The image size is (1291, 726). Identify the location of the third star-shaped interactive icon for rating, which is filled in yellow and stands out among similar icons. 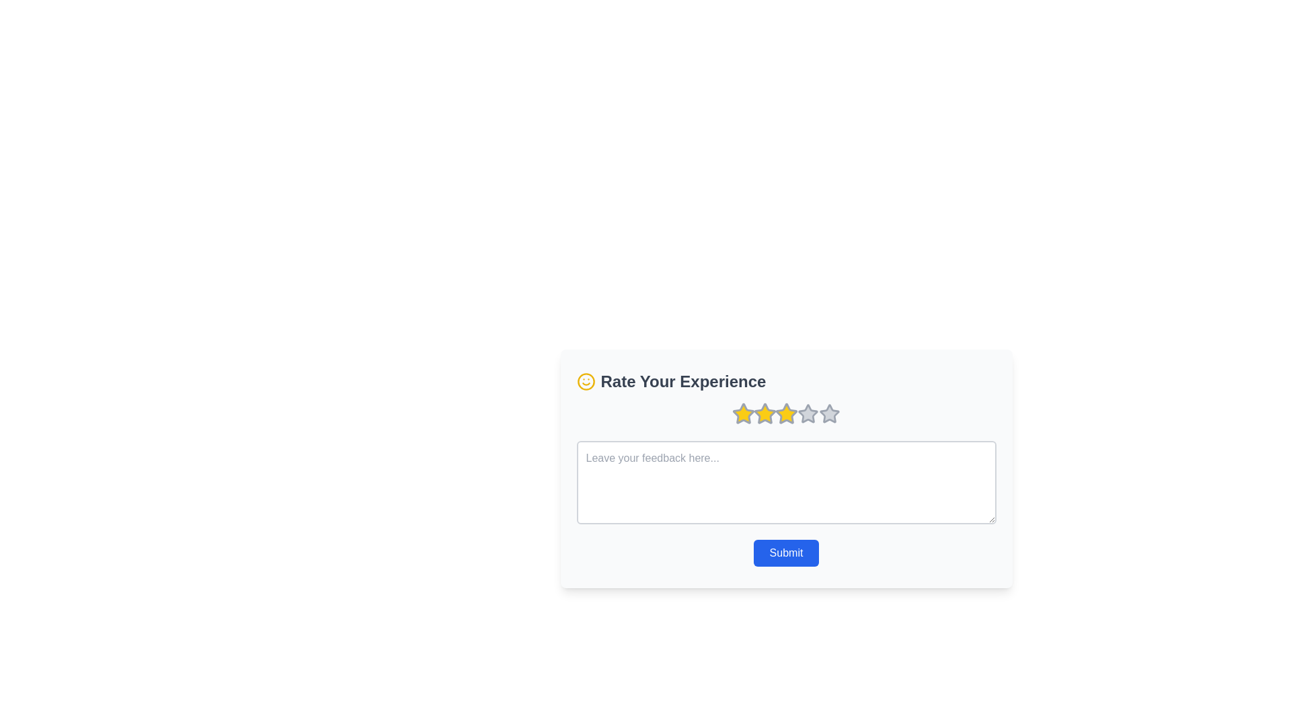
(786, 413).